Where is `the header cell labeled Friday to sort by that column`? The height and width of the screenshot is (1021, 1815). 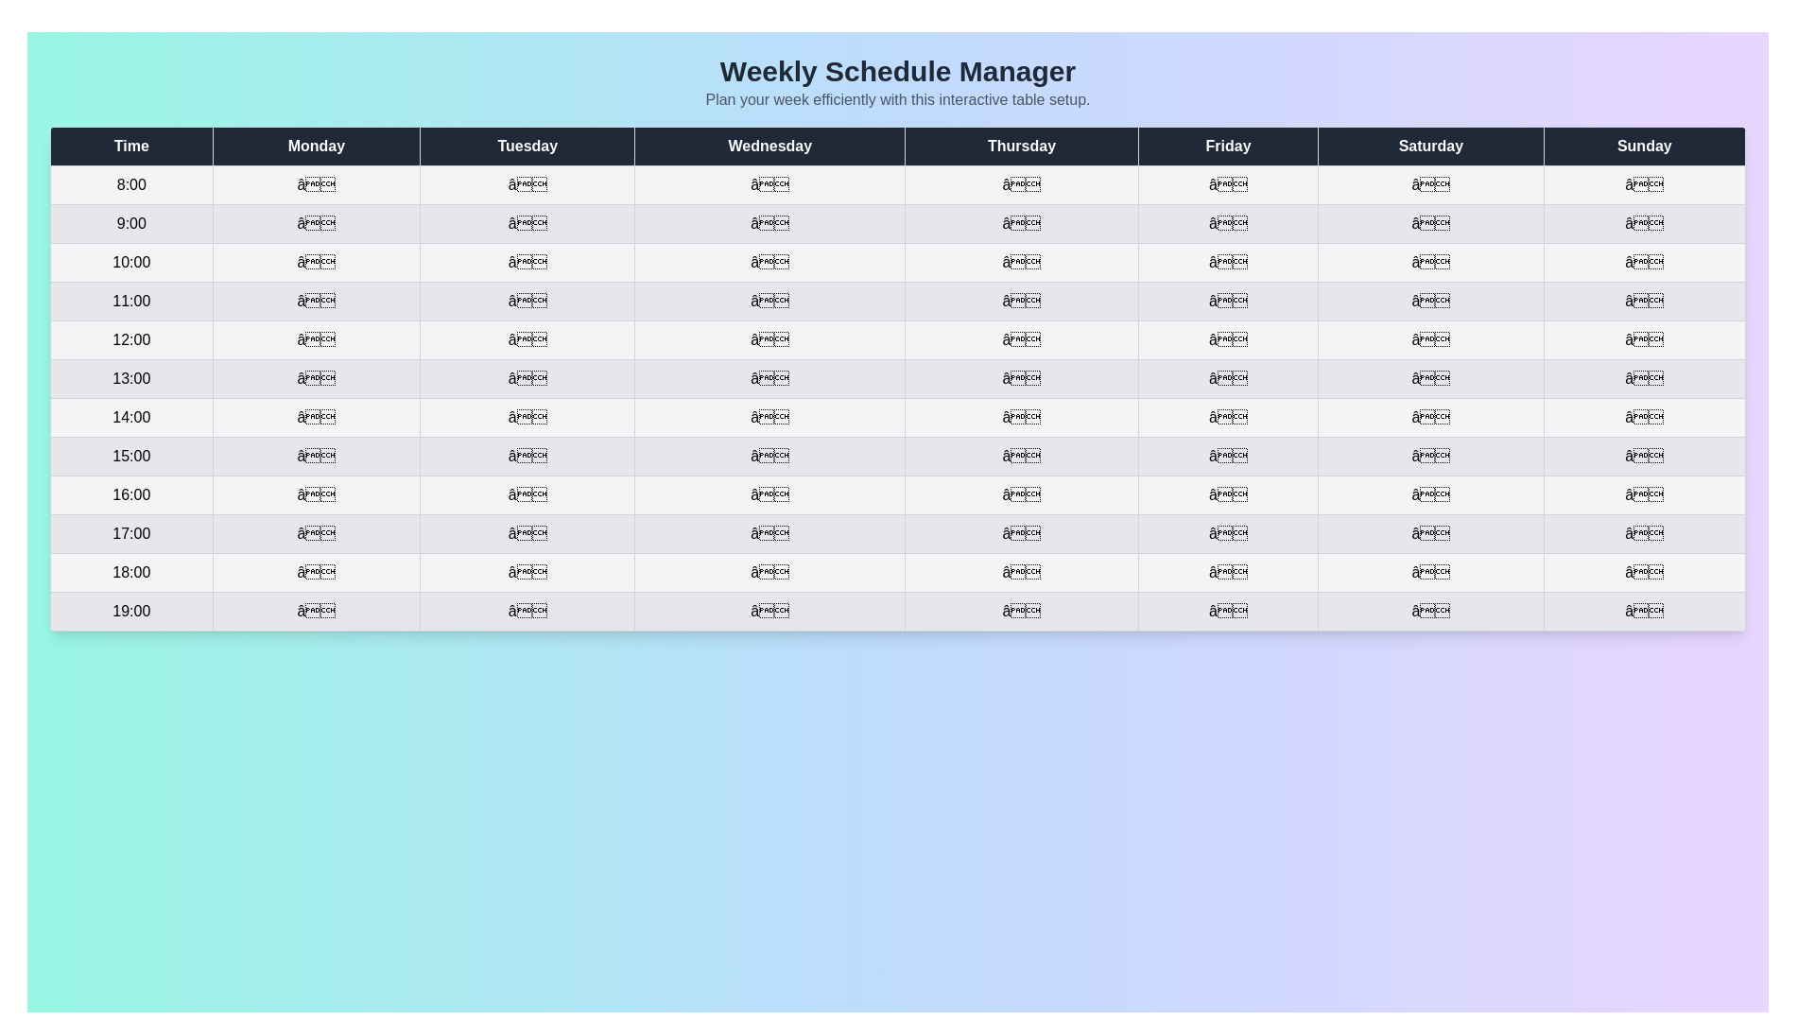 the header cell labeled Friday to sort by that column is located at coordinates (1229, 145).